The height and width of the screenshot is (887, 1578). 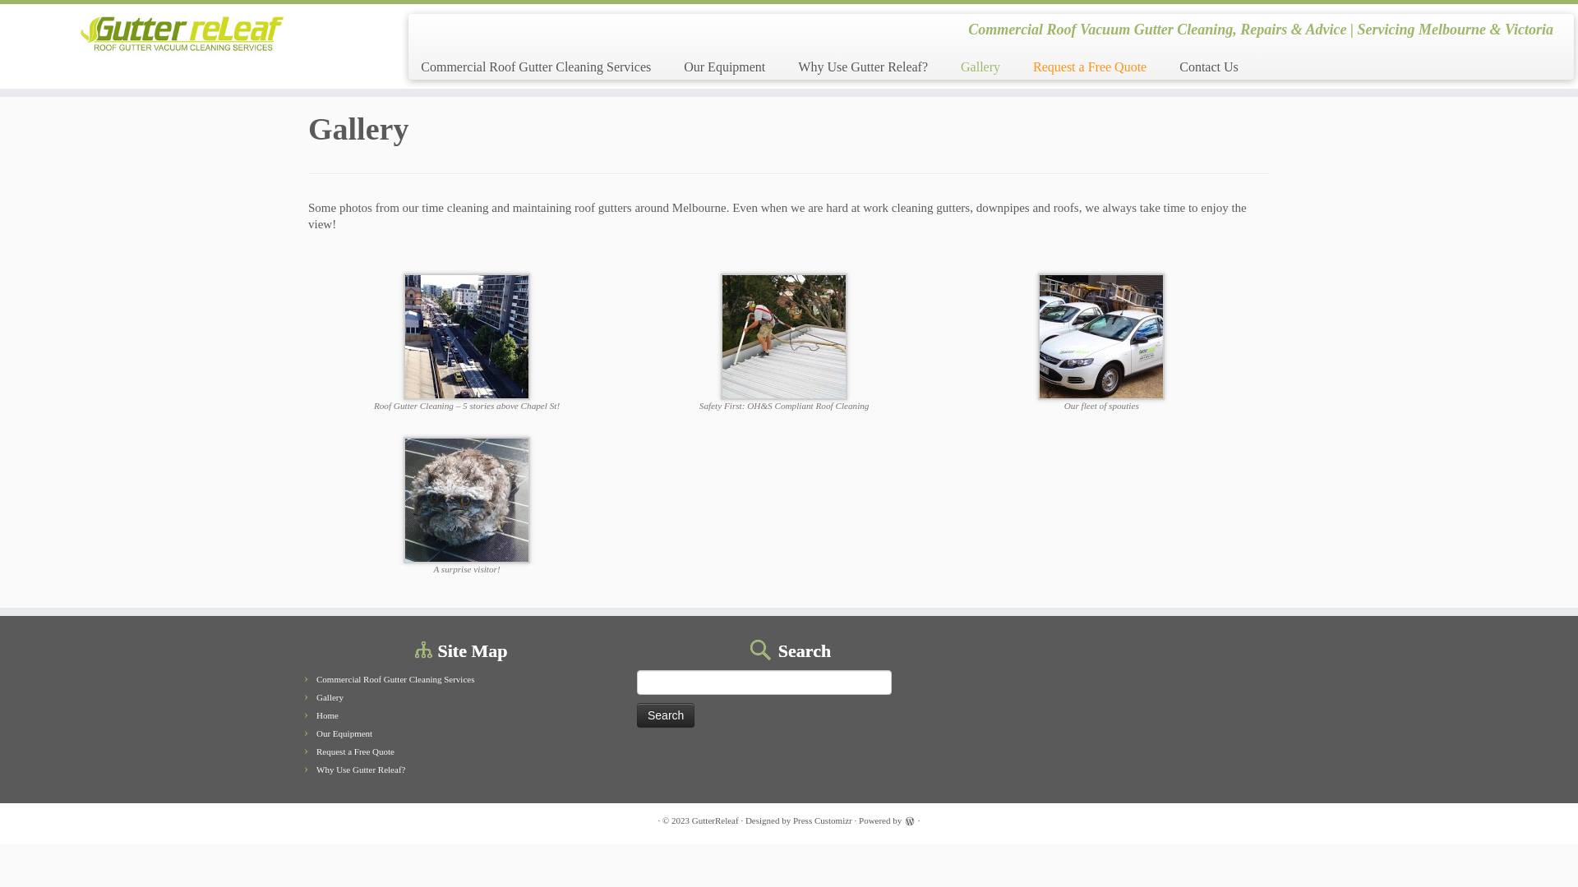 I want to click on 'Press Customizr', so click(x=823, y=820).